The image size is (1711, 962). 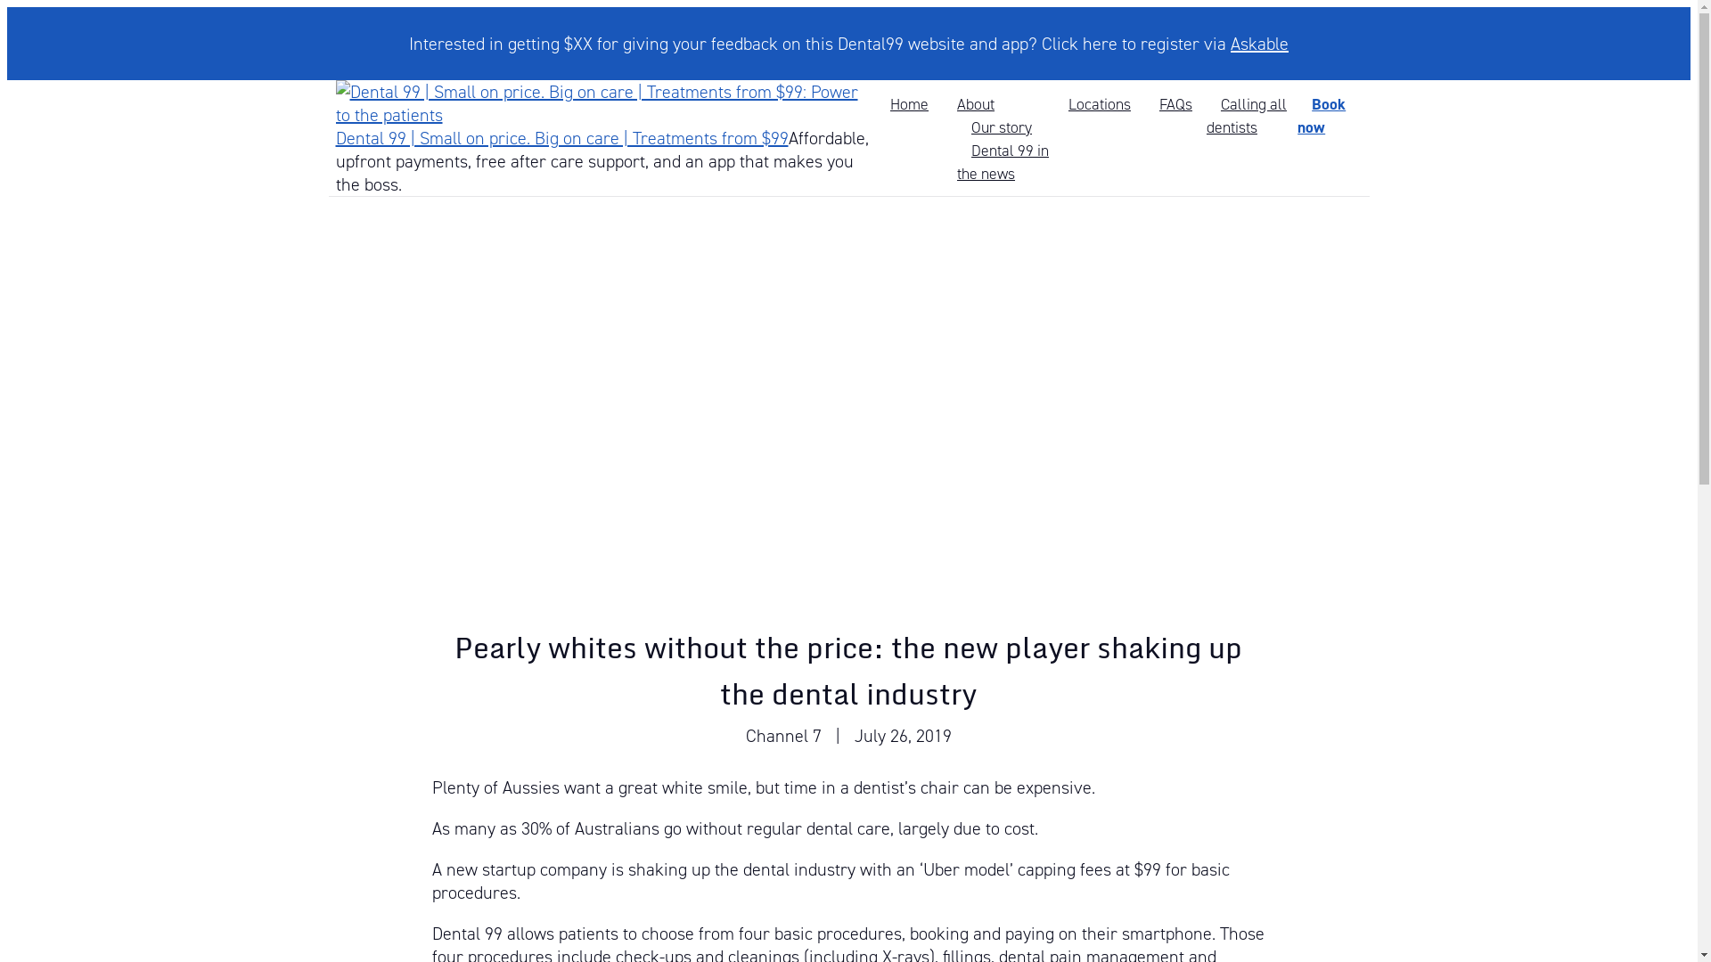 I want to click on 'About', so click(x=974, y=103).